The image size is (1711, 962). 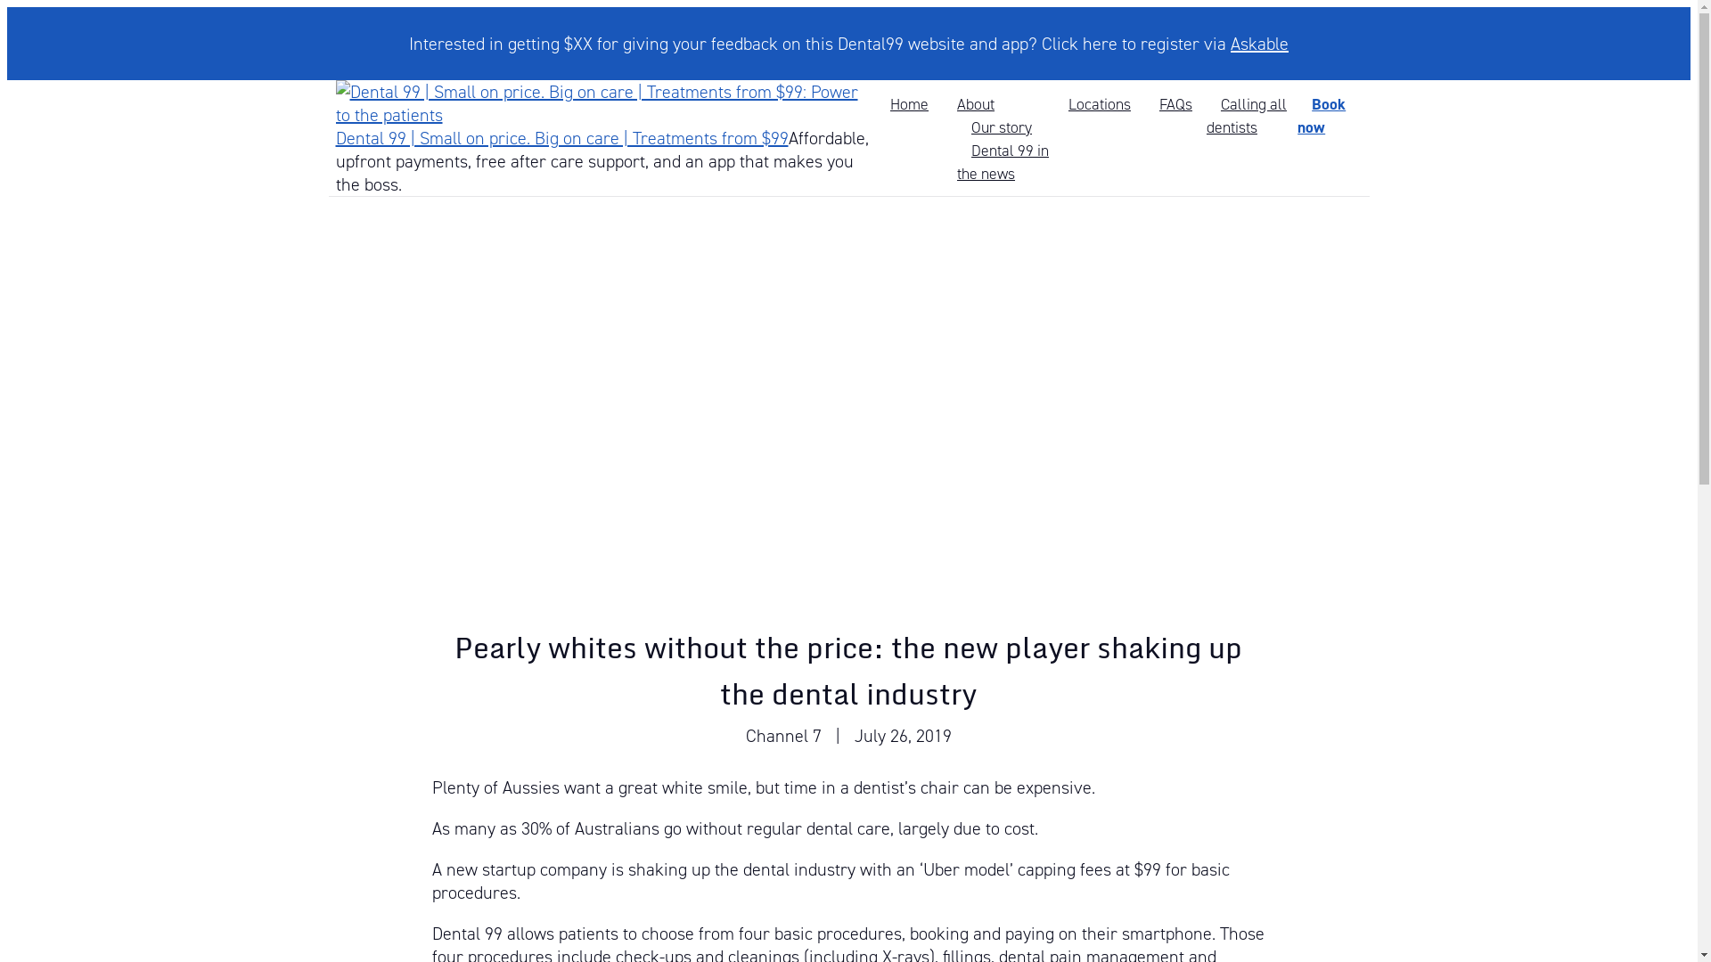 I want to click on 'About', so click(x=974, y=103).